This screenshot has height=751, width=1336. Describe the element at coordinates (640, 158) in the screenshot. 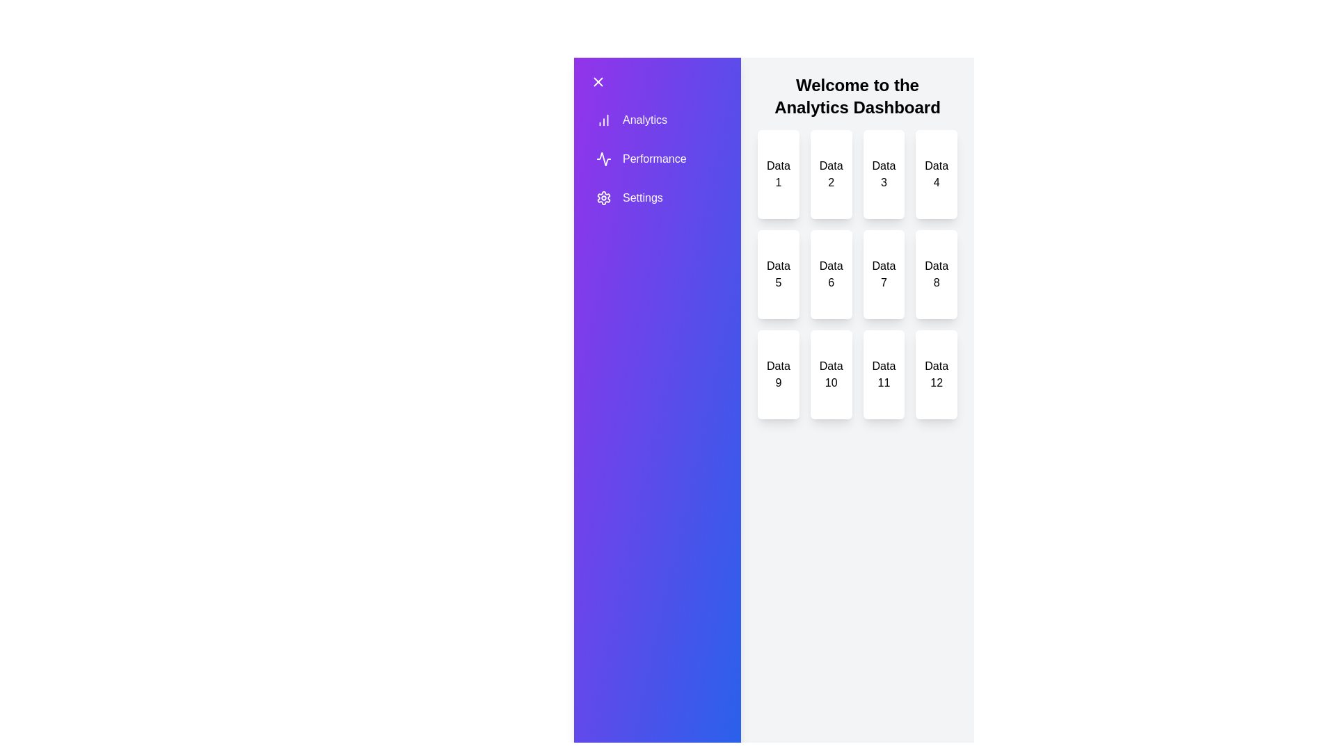

I see `the drawer item labeled Performance to trigger its hover effect` at that location.